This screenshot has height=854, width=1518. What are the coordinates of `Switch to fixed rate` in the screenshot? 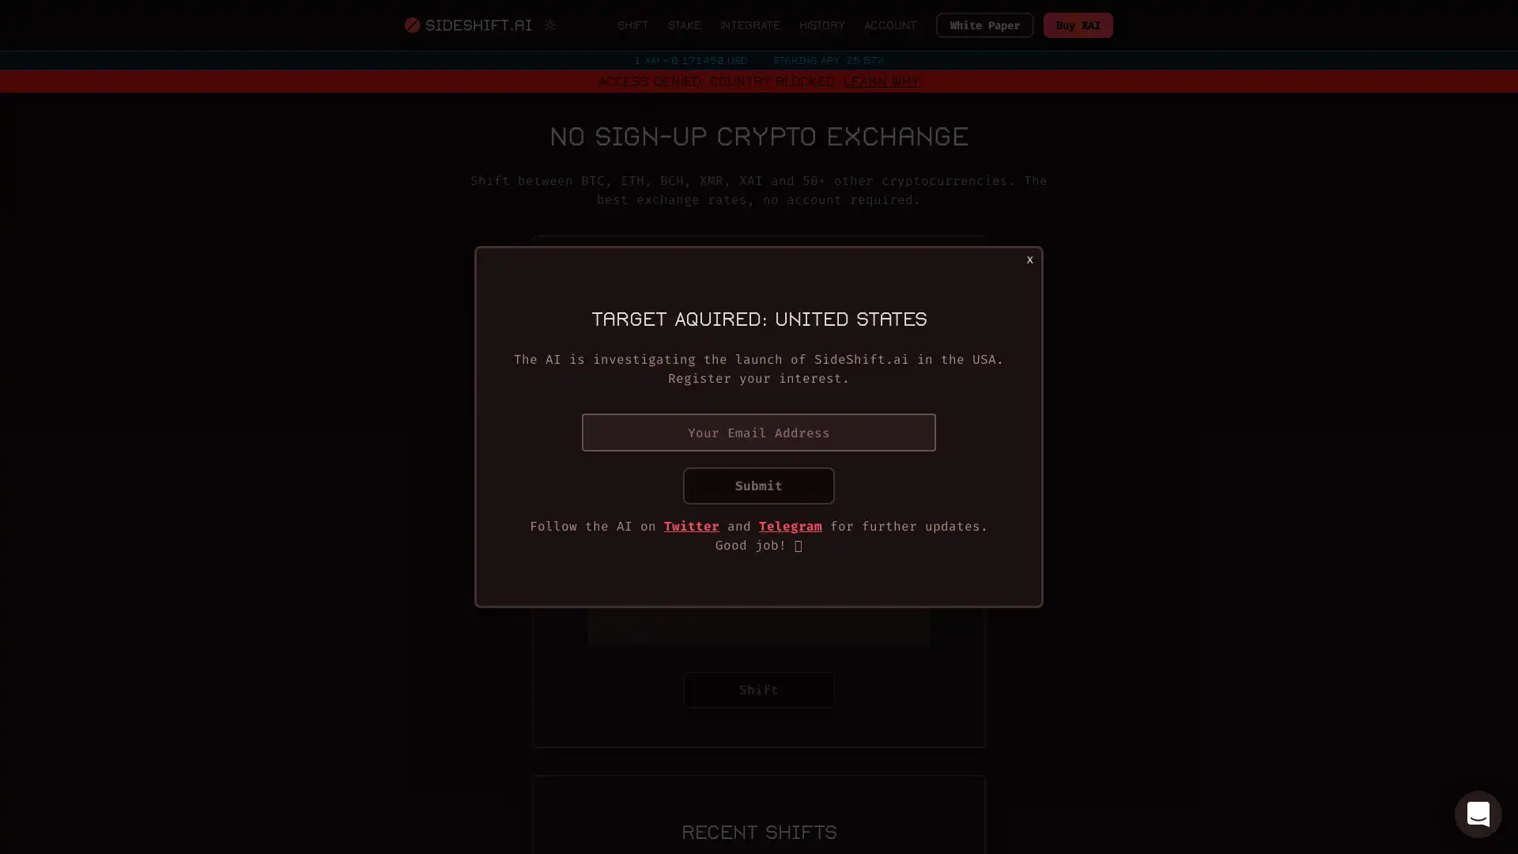 It's located at (821, 290).